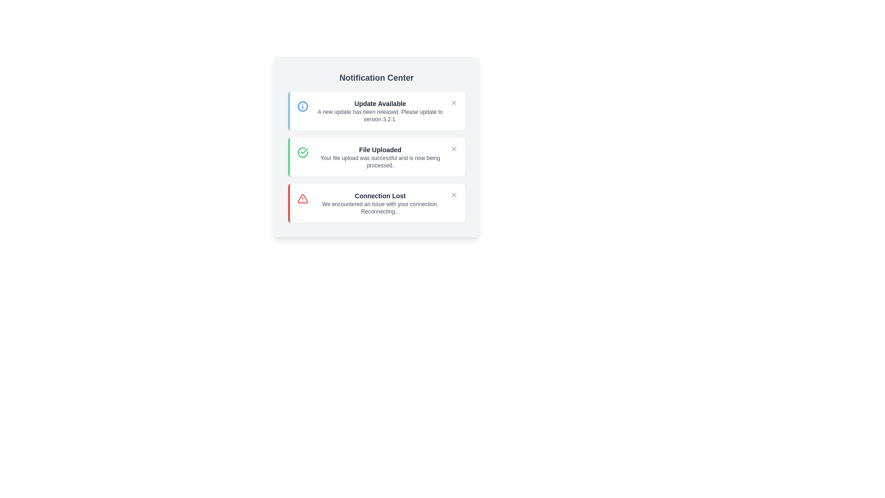 The image size is (885, 498). What do you see at coordinates (303, 106) in the screenshot?
I see `the informational icon located on the left side of the 'Update Available' notification in the Notification Center` at bounding box center [303, 106].